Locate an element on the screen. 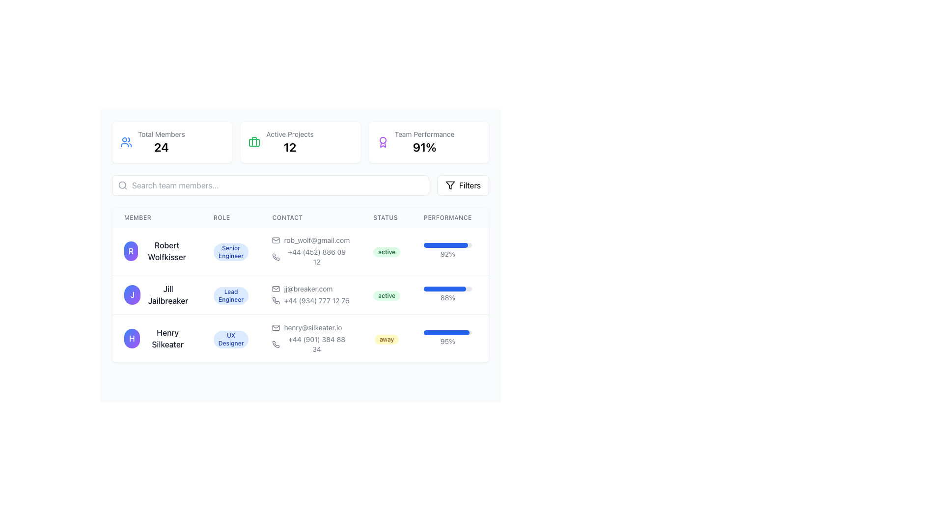 This screenshot has width=943, height=530. the phone number icon associated with Jill Jailbreaker's contact information located in the 'Contact' column of the second row in the table is located at coordinates (276, 300).